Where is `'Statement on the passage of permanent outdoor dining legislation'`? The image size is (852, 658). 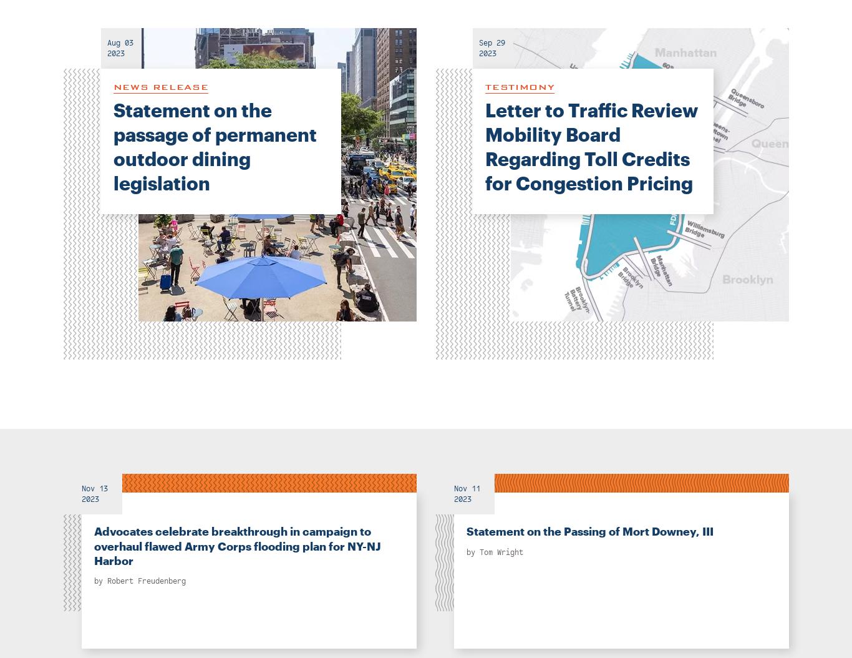 'Statement on the passage of permanent outdoor dining legislation' is located at coordinates (213, 147).